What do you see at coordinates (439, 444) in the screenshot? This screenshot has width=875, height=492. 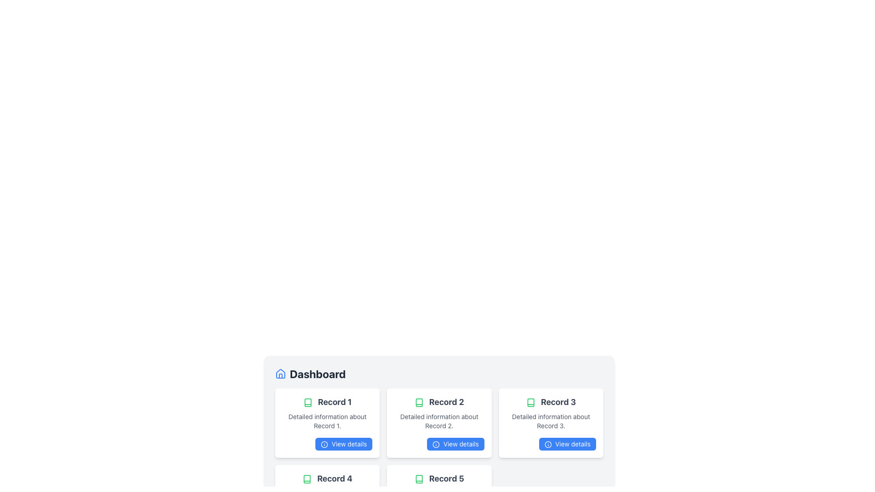 I see `the button that allows users` at bounding box center [439, 444].